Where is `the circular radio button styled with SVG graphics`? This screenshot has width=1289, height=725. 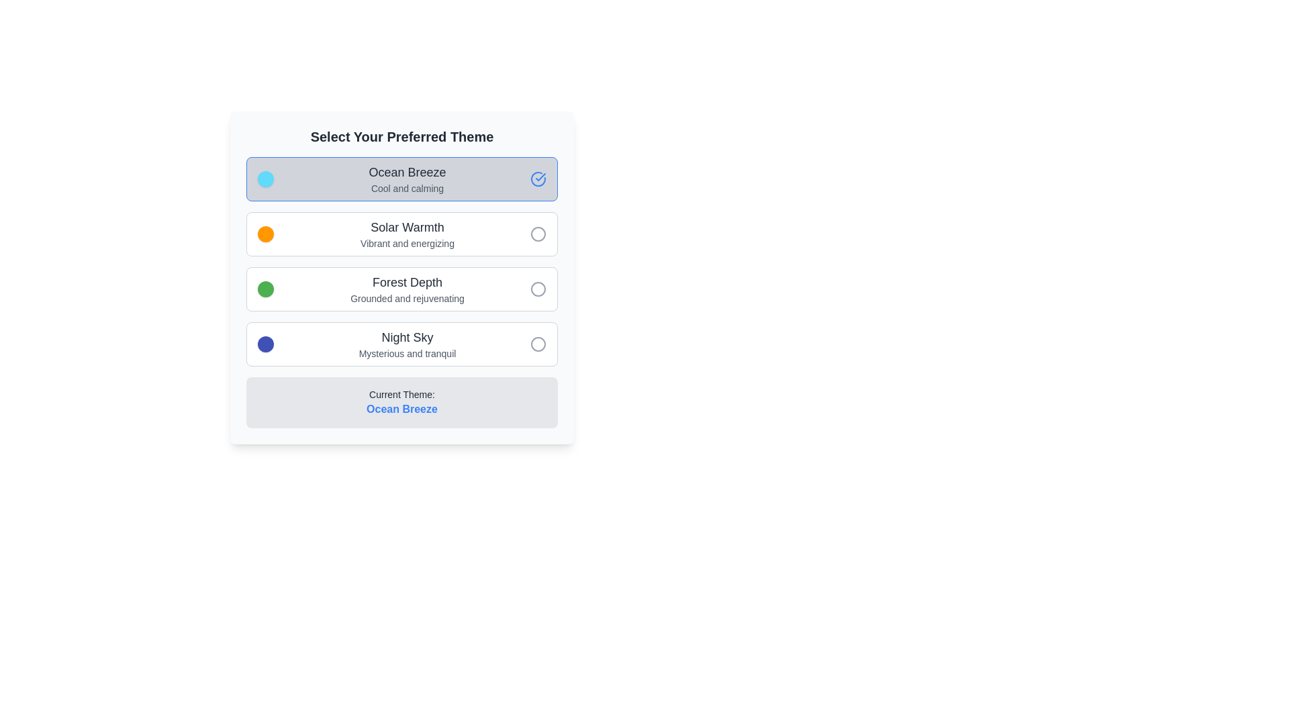 the circular radio button styled with SVG graphics is located at coordinates (538, 289).